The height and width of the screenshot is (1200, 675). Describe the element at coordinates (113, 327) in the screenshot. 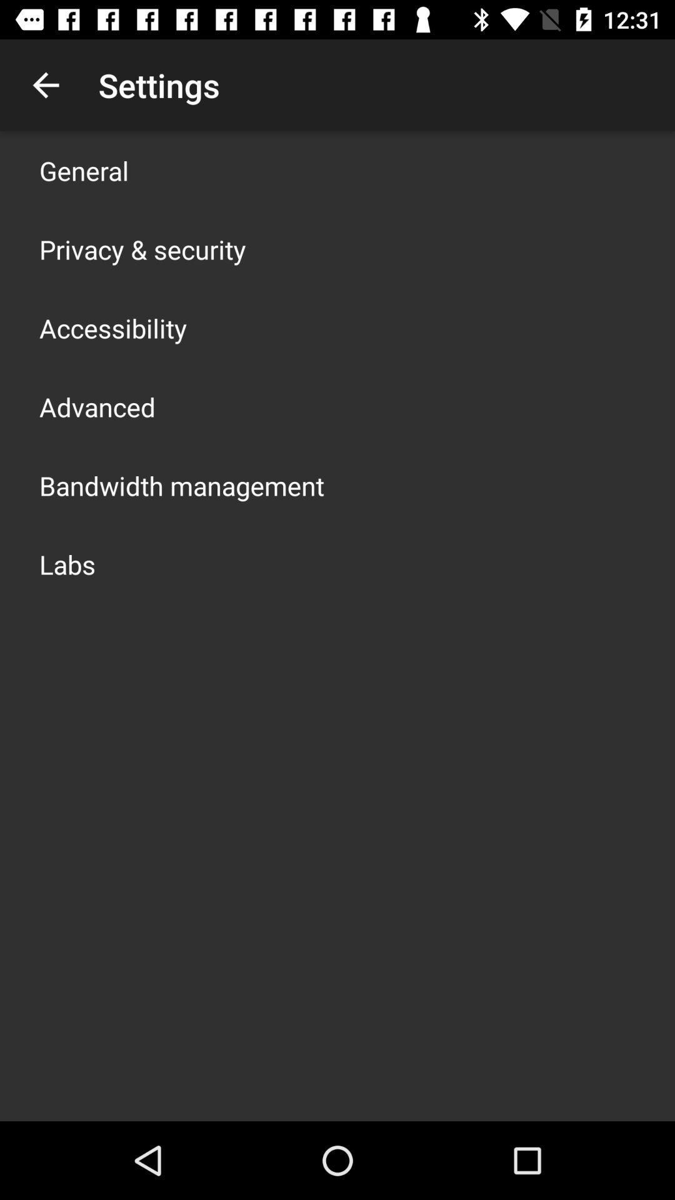

I see `accessibility item` at that location.